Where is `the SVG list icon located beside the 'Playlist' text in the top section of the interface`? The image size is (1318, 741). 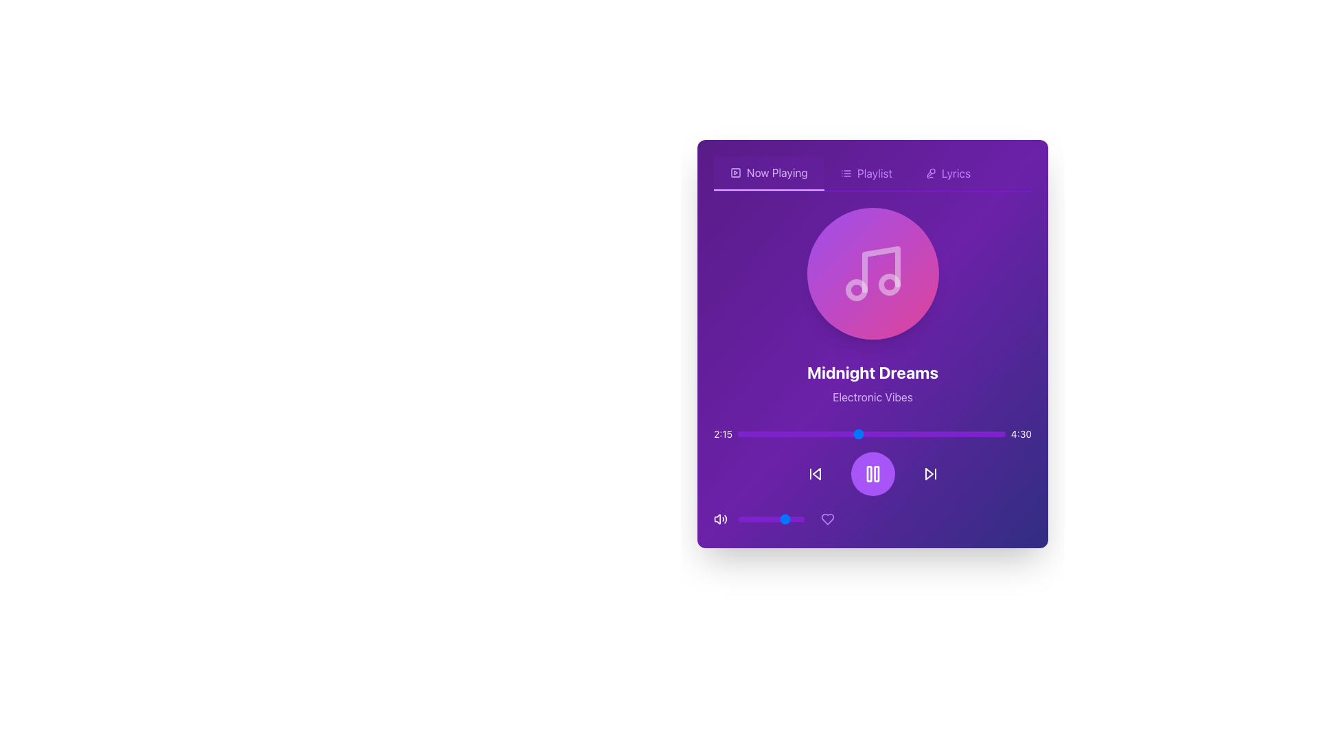 the SVG list icon located beside the 'Playlist' text in the top section of the interface is located at coordinates (845, 173).